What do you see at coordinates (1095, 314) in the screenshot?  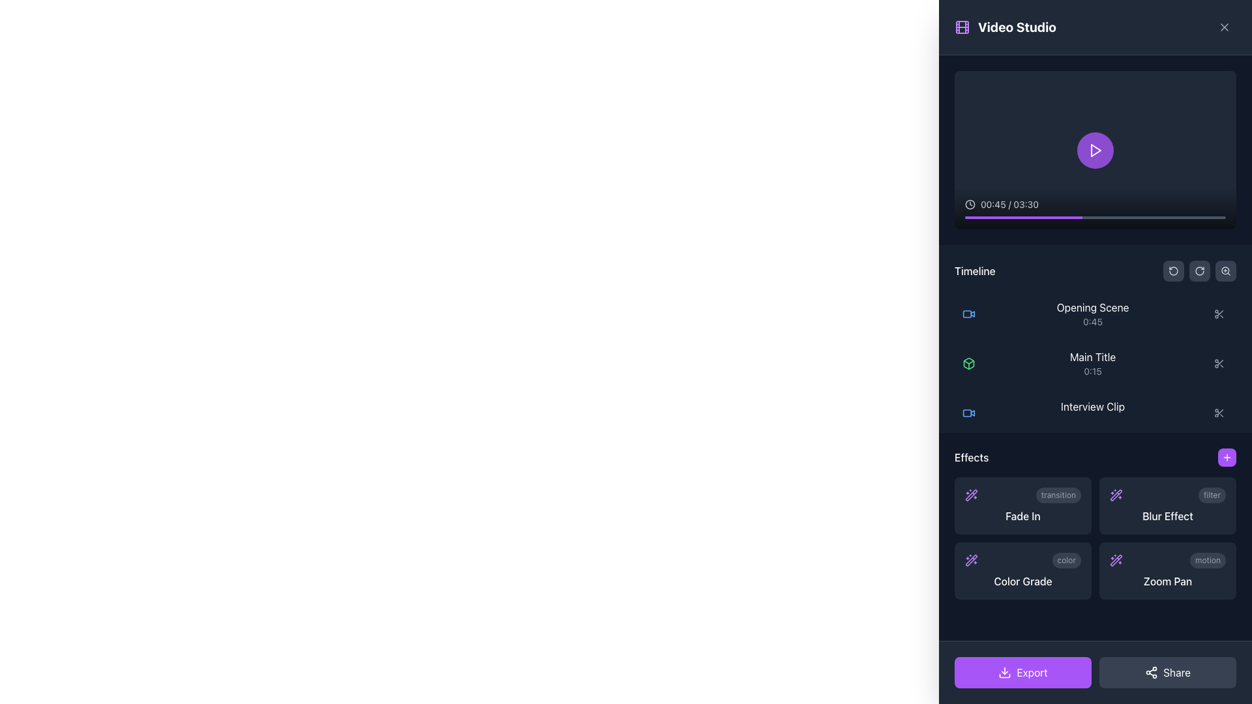 I see `the first list item in the vertical timeline representing the 'Opening Scene'` at bounding box center [1095, 314].